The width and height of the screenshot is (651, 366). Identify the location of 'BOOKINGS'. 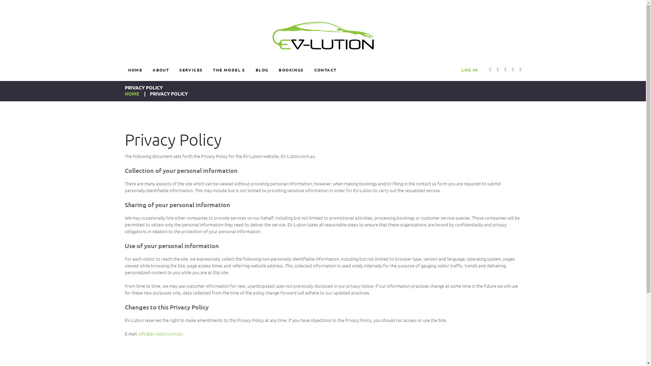
(275, 69).